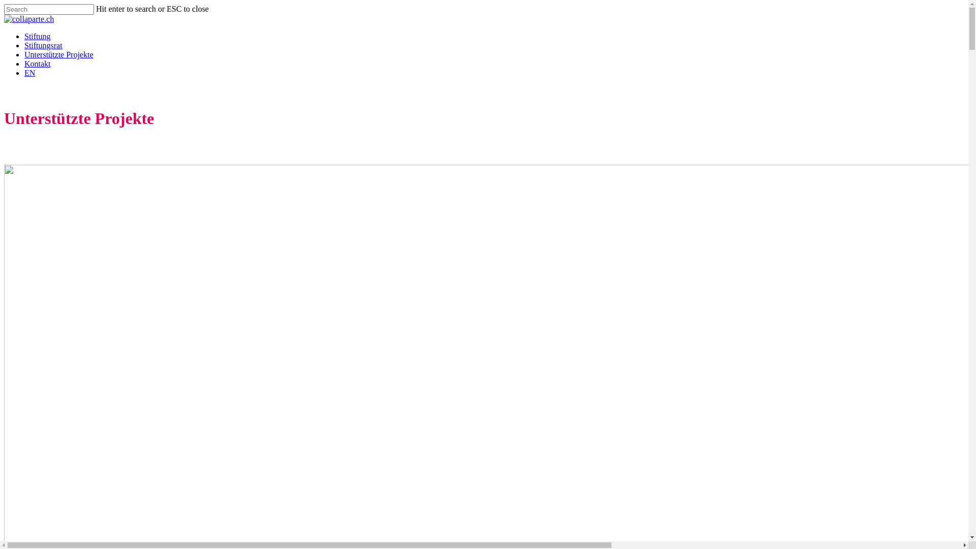 This screenshot has width=976, height=549. What do you see at coordinates (29, 72) in the screenshot?
I see `'EN'` at bounding box center [29, 72].